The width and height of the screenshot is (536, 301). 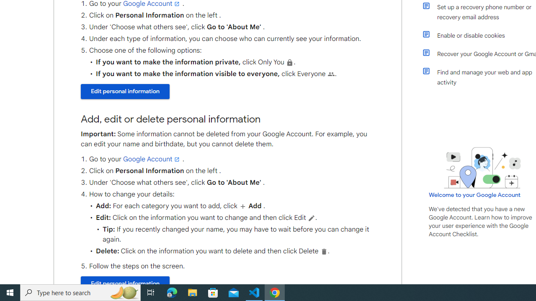 What do you see at coordinates (475, 195) in the screenshot?
I see `'Welcome to your Google Account'` at bounding box center [475, 195].